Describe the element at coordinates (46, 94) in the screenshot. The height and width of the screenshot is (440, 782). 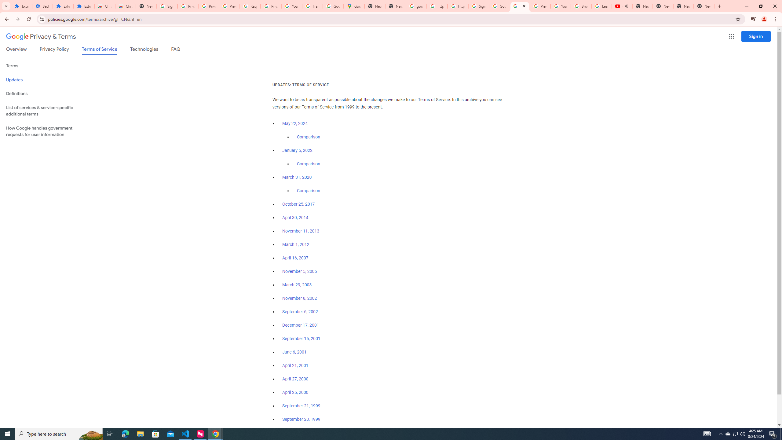
I see `'Definitions'` at that location.